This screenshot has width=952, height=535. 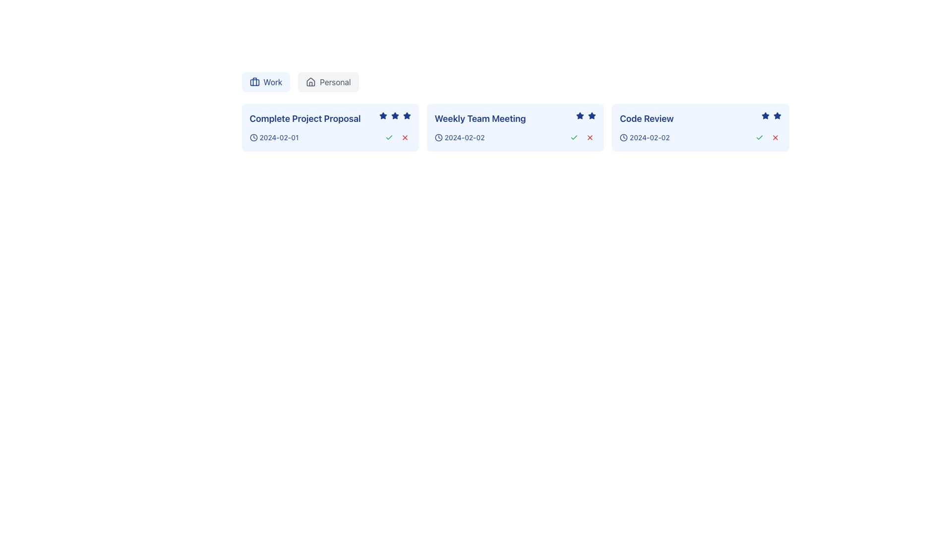 What do you see at coordinates (759, 137) in the screenshot?
I see `the circular button with a green checkmark icon located in the 'Code Review' card` at bounding box center [759, 137].